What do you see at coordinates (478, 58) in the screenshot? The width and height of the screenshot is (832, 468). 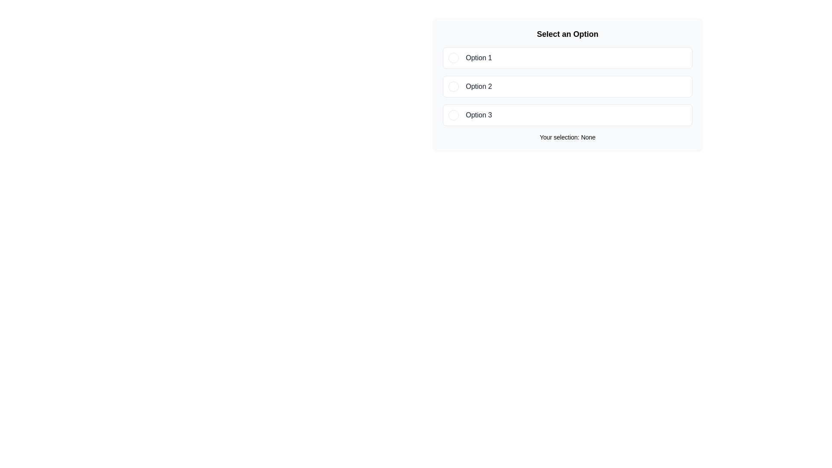 I see `the text label that describes the first selectable option, which is located next to the radio button and displays 'Option 1'` at bounding box center [478, 58].